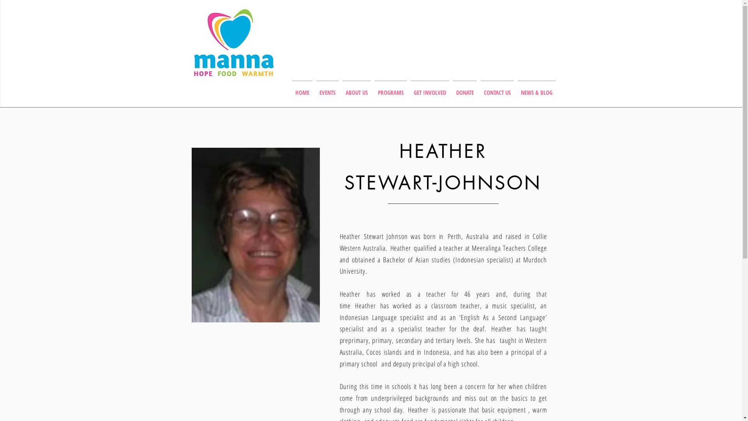 The height and width of the screenshot is (421, 748). Describe the element at coordinates (496, 88) in the screenshot. I see `'CONTACT US'` at that location.